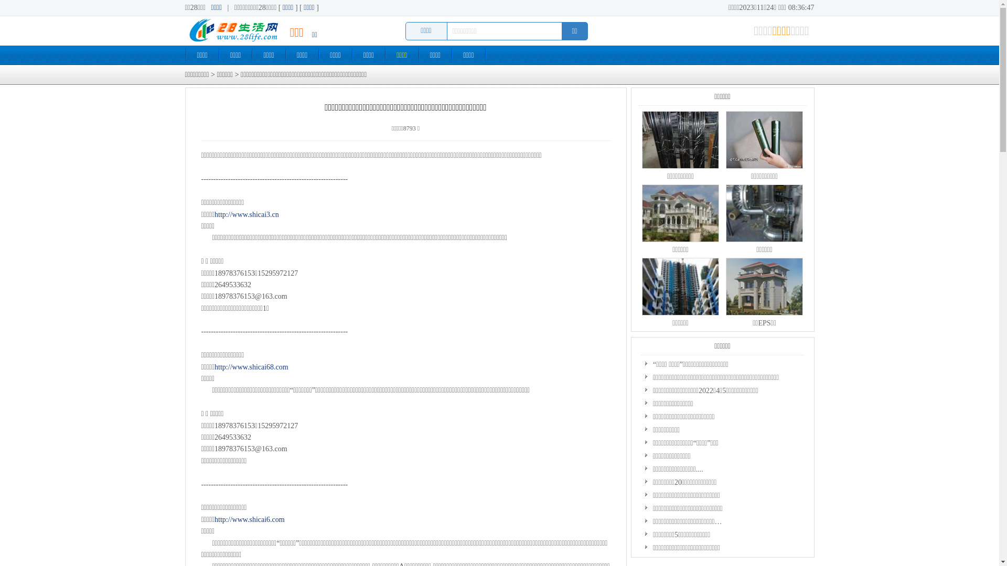 This screenshot has width=1007, height=566. What do you see at coordinates (251, 366) in the screenshot?
I see `'http://www.shicai68.com'` at bounding box center [251, 366].